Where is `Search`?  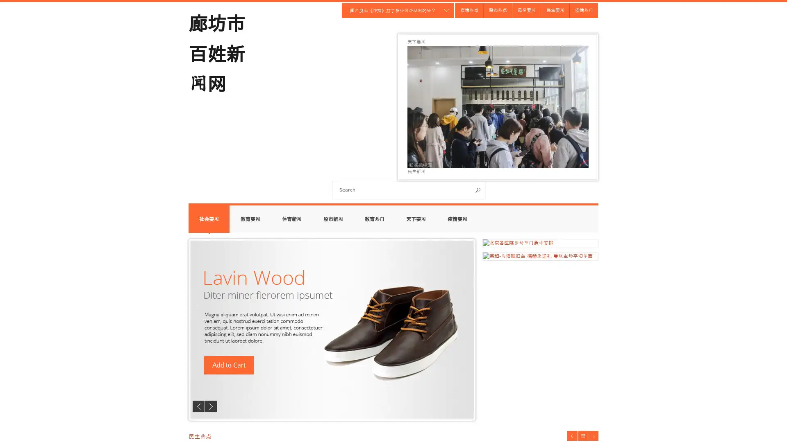
Search is located at coordinates (478, 190).